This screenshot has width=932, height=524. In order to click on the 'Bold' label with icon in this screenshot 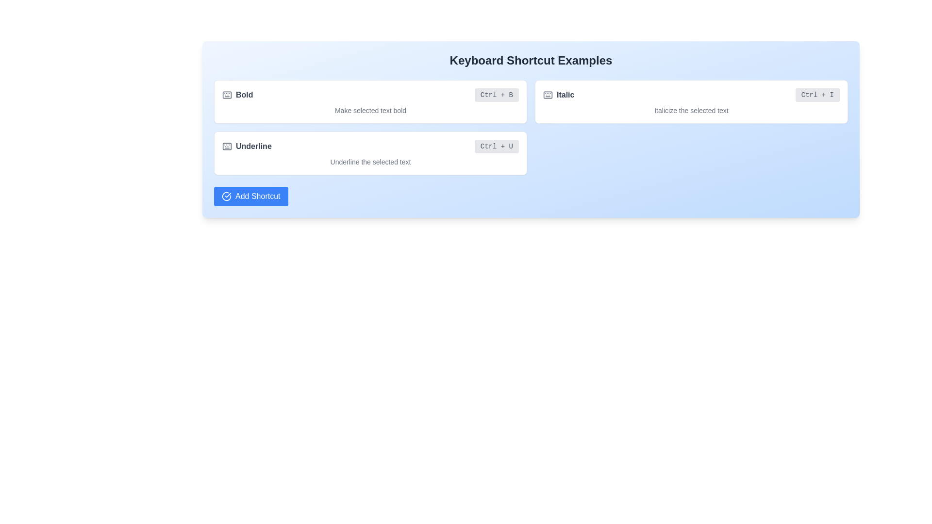, I will do `click(237, 95)`.